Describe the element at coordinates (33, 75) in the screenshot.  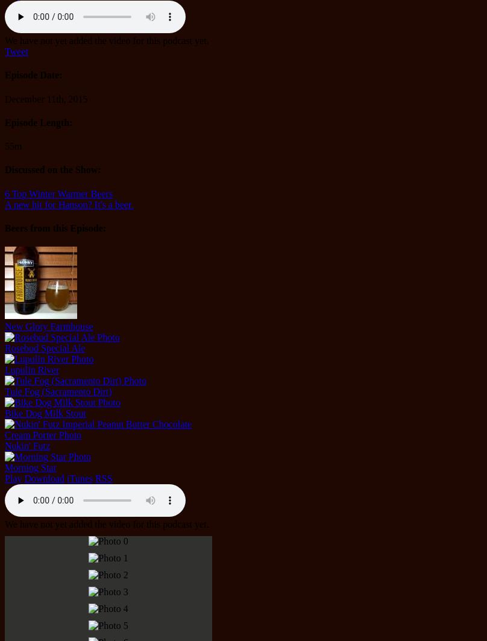
I see `'Episode Date:'` at that location.